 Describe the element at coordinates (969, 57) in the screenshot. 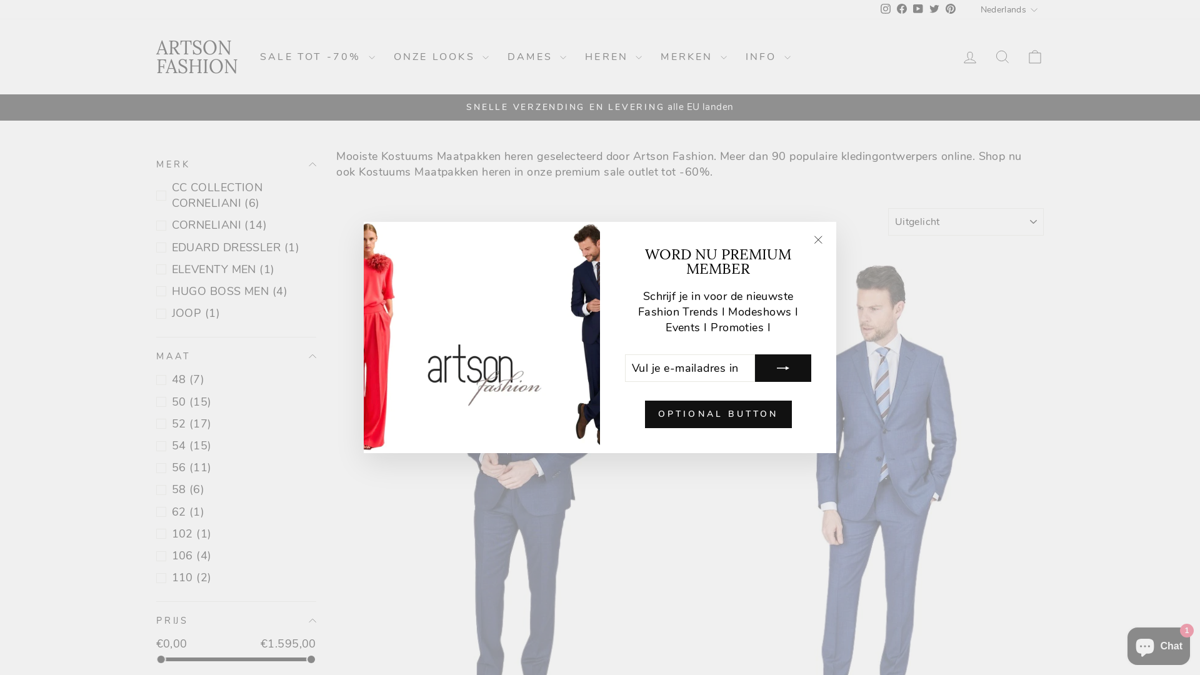

I see `'ACCOUNT` at that location.